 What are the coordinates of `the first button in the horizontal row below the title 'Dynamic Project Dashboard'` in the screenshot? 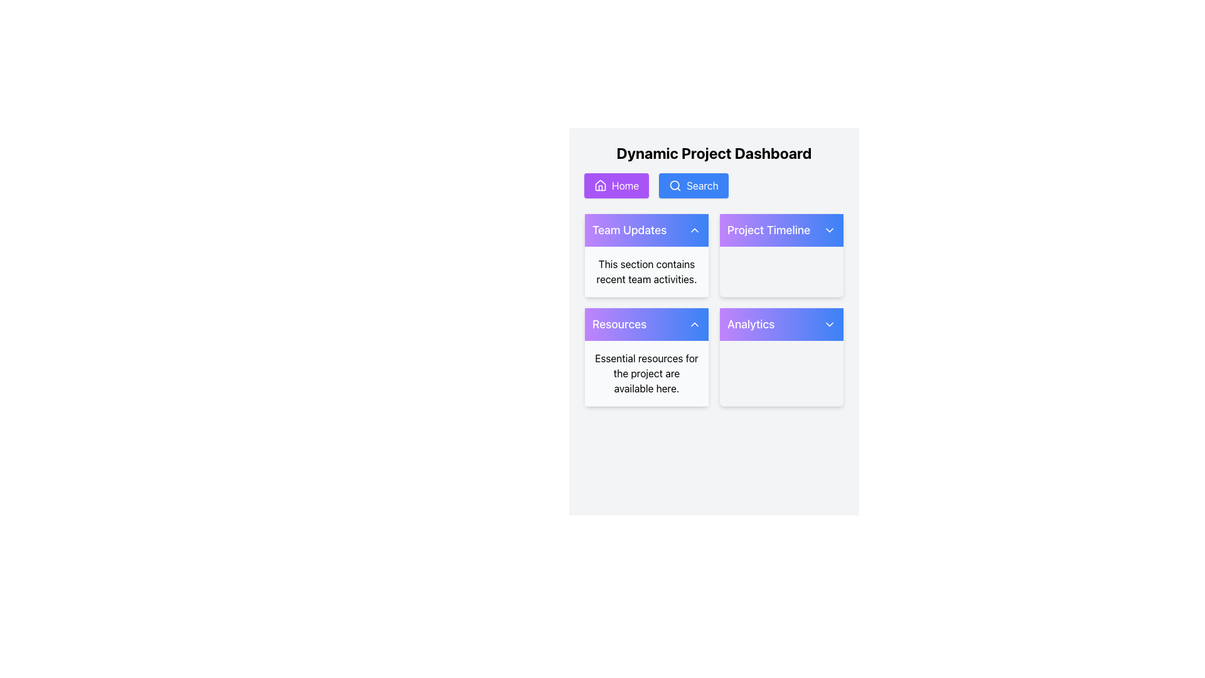 It's located at (616, 186).